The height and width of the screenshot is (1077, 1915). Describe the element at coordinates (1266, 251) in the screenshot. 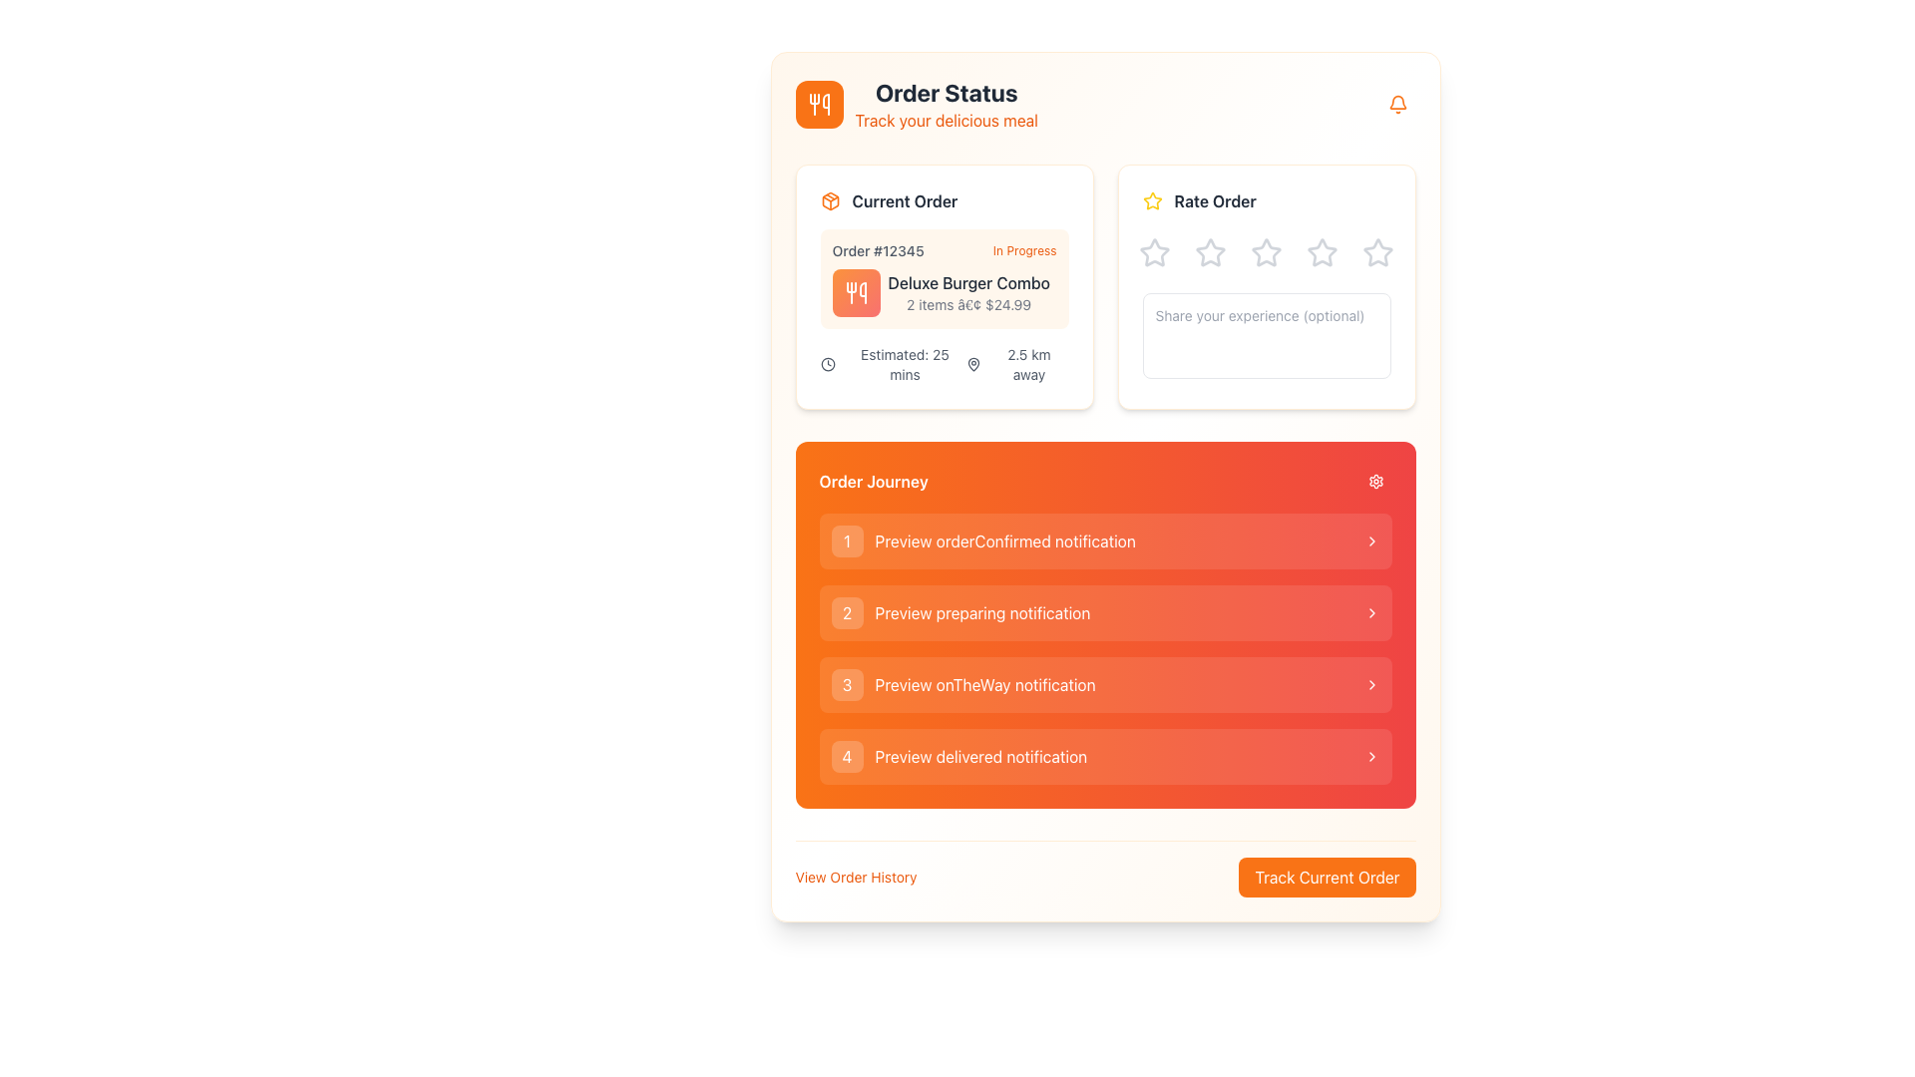

I see `the third star icon in the 'Rate Order' section, which is styled with a gray outline and has a hollow center, to check the current rating state` at that location.